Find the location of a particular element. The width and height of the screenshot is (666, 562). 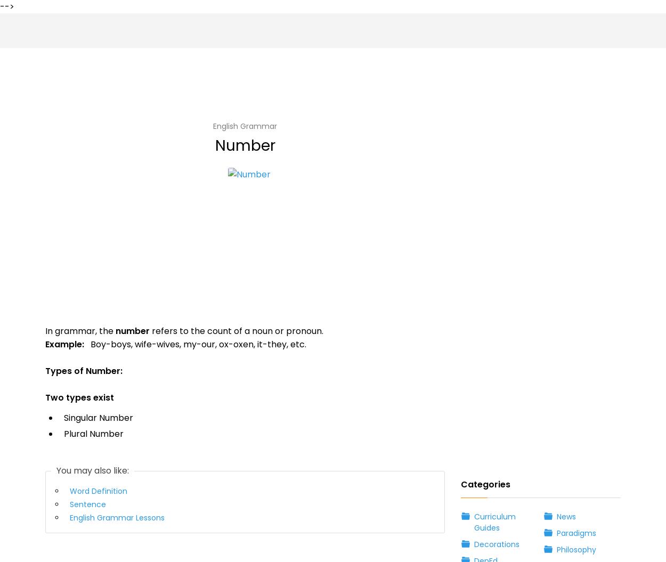

'Me' is located at coordinates (54, 452).